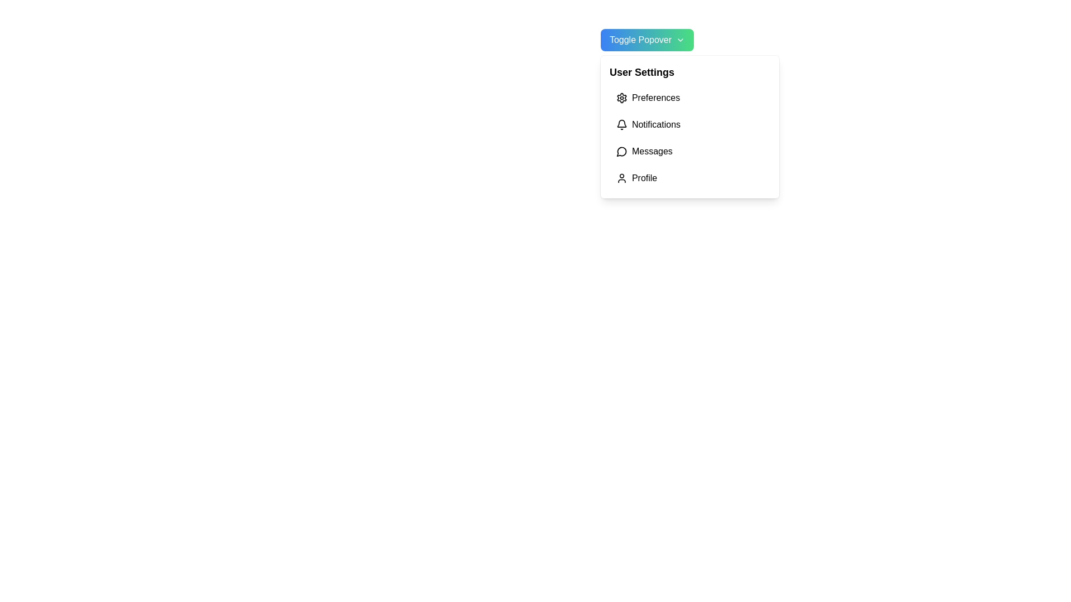  Describe the element at coordinates (621, 152) in the screenshot. I see `the messaging icon located to the left of the 'Messages' text in the dropdown menu under 'User Settings'` at that location.